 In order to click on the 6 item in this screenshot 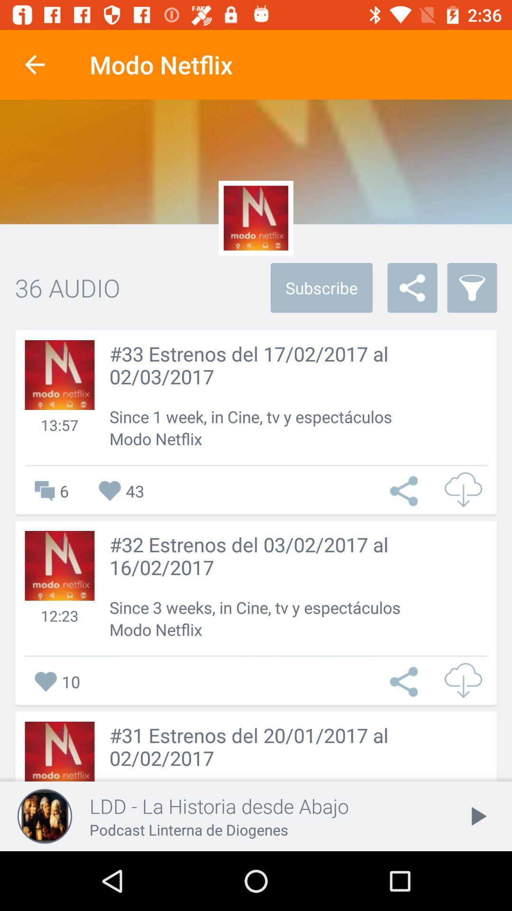, I will do `click(47, 491)`.